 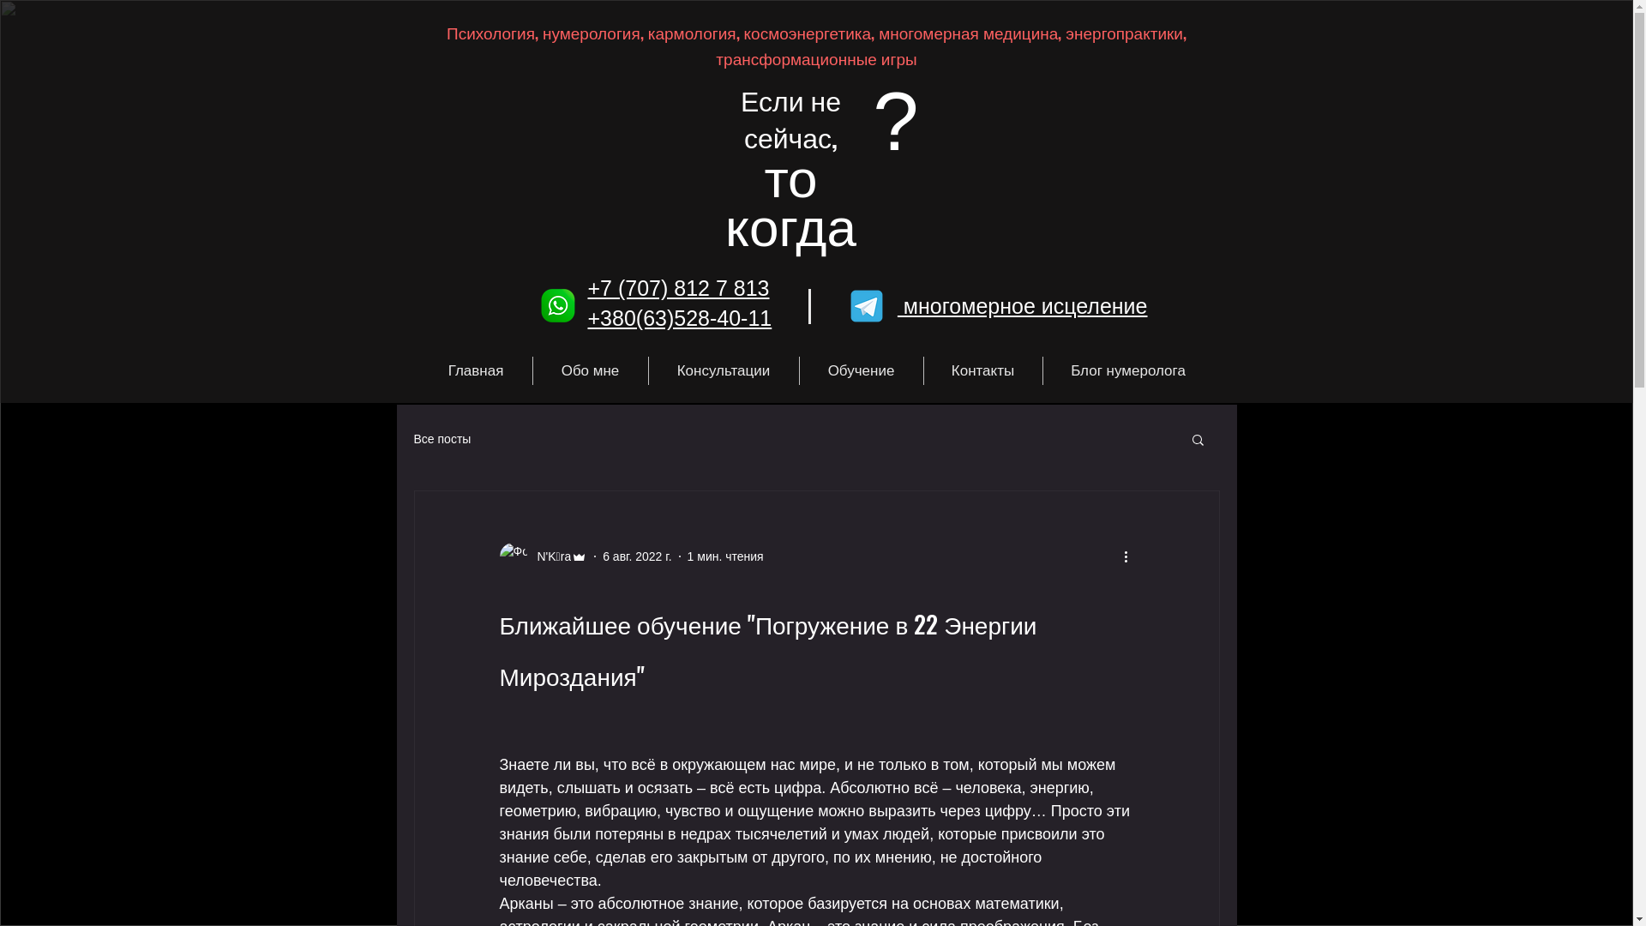 What do you see at coordinates (679, 317) in the screenshot?
I see `'+380(63)528-40-11'` at bounding box center [679, 317].